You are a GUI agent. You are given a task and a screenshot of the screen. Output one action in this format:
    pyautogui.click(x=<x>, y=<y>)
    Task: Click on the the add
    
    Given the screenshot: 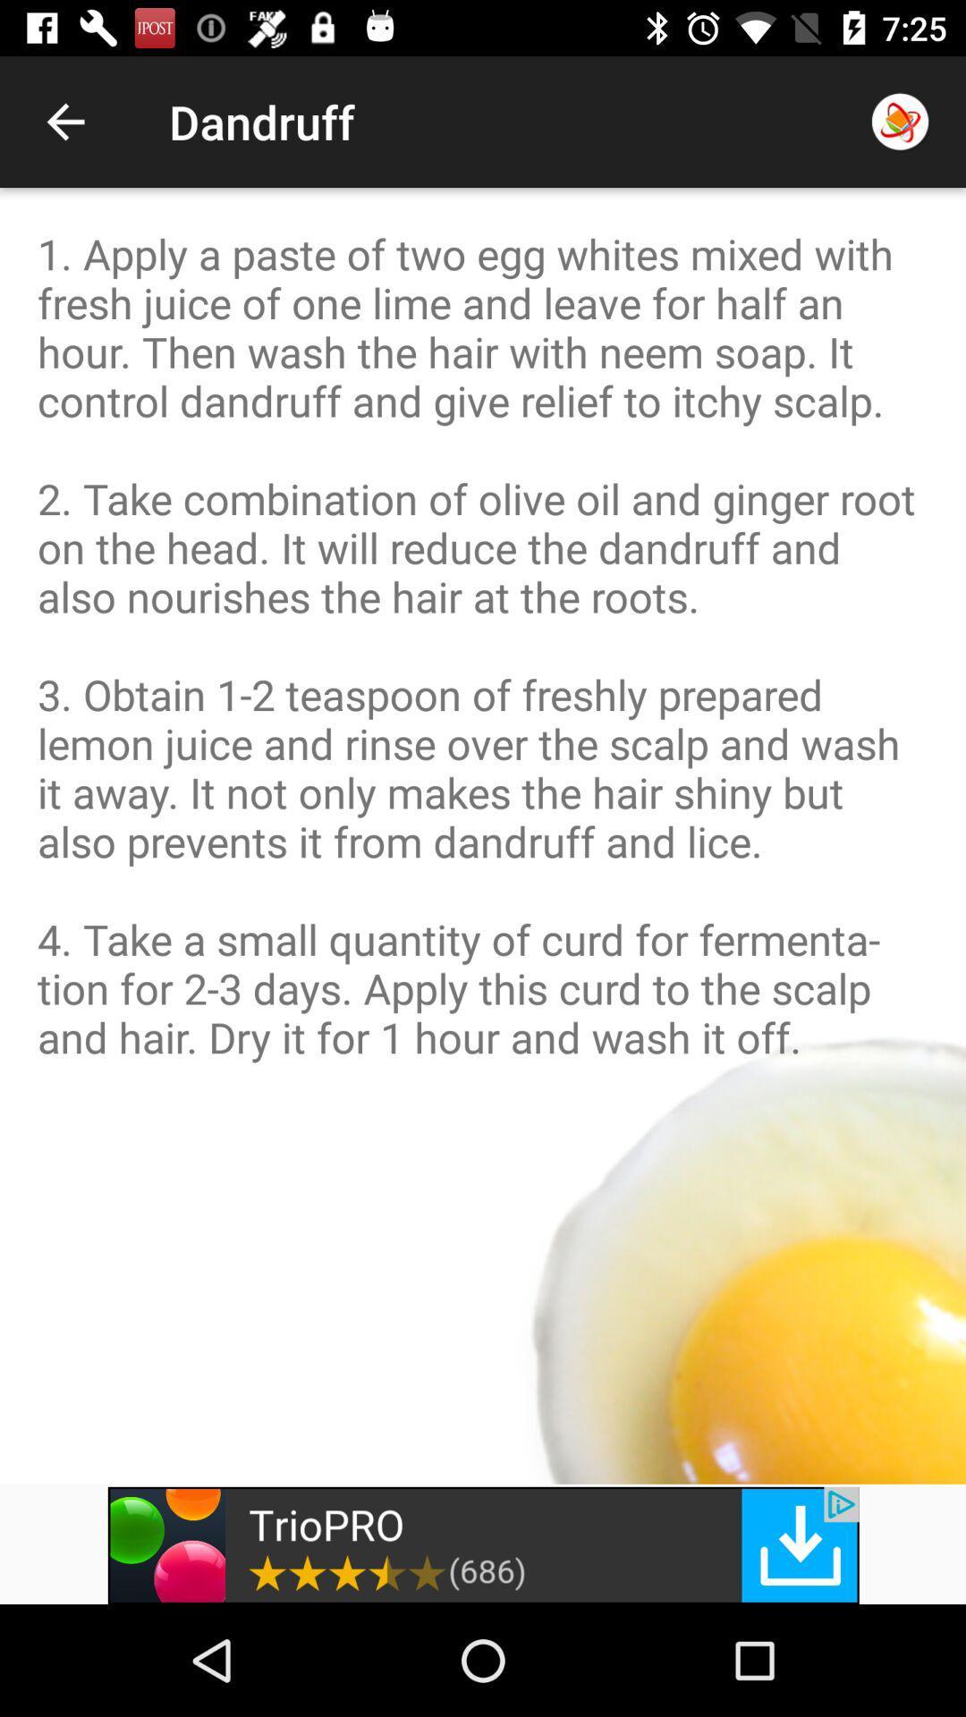 What is the action you would take?
    pyautogui.click(x=483, y=1544)
    